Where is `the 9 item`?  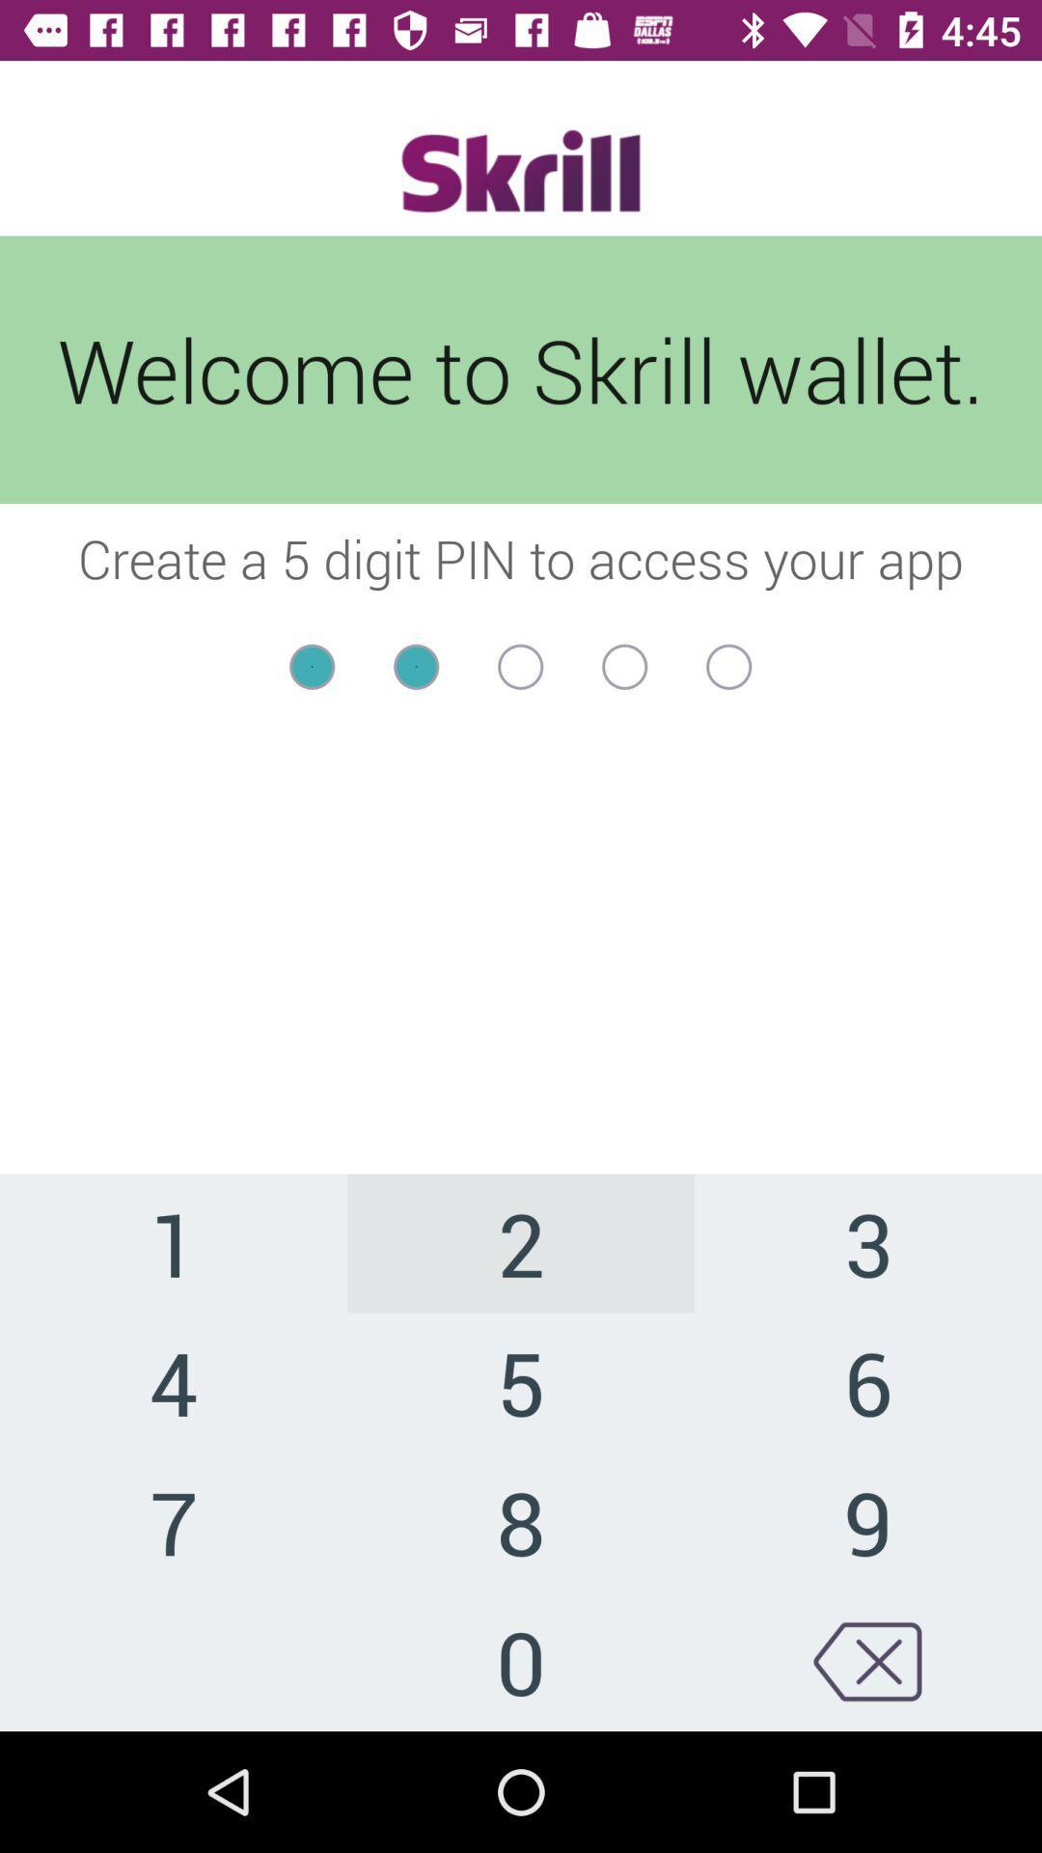
the 9 item is located at coordinates (866, 1520).